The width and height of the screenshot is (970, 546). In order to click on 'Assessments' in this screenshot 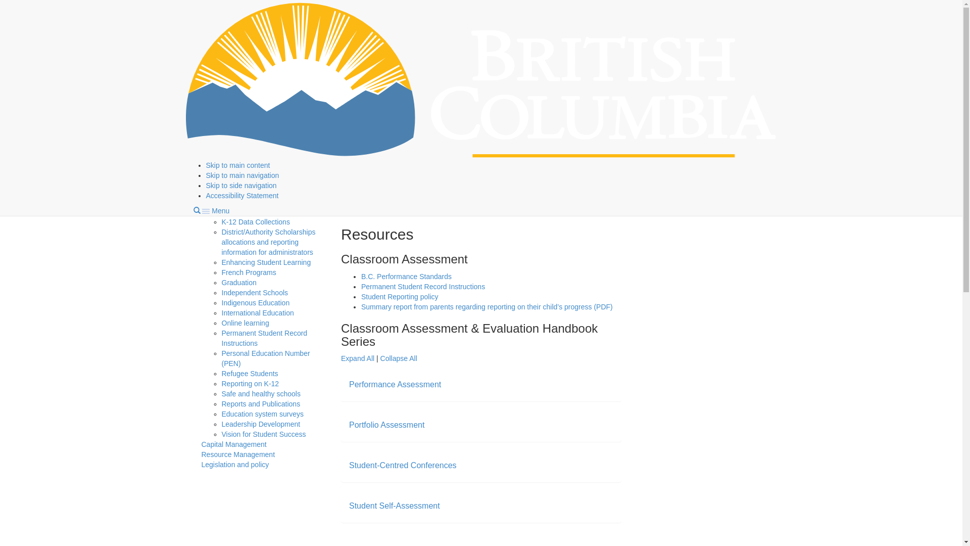, I will do `click(560, 9)`.